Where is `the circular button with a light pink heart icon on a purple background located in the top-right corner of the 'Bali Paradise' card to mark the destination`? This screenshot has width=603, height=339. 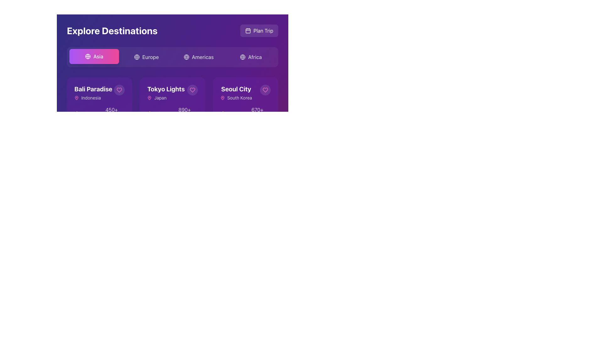
the circular button with a light pink heart icon on a purple background located in the top-right corner of the 'Bali Paradise' card to mark the destination is located at coordinates (119, 90).